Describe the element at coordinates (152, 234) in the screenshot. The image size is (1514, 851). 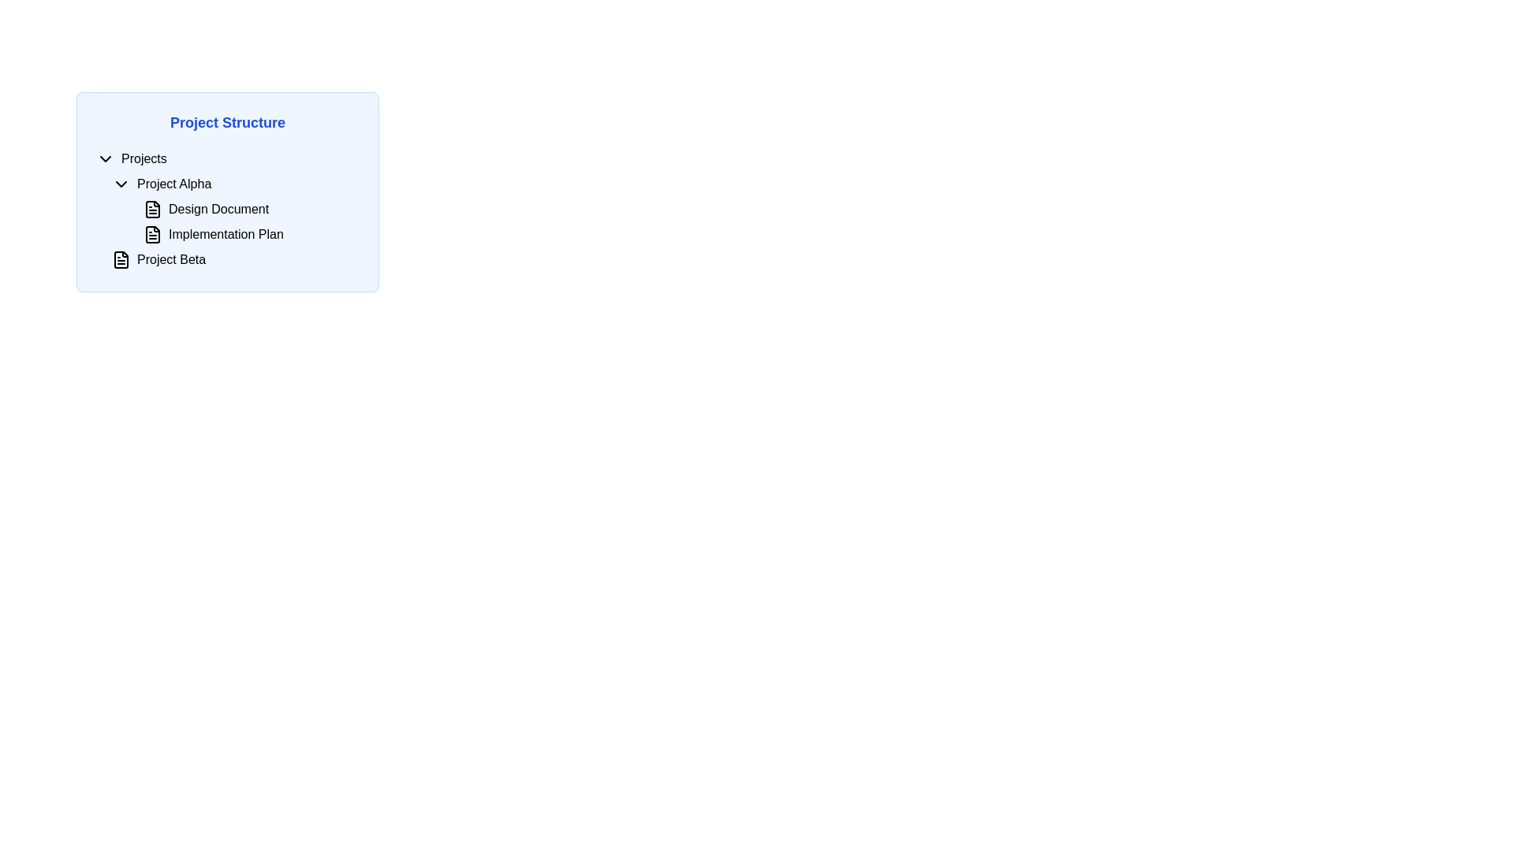
I see `the SVG icon illustrating a document that serves as a clickable entry for the 'Implementation Plan' in the 'Project Structure' section under 'Project Alpha'` at that location.